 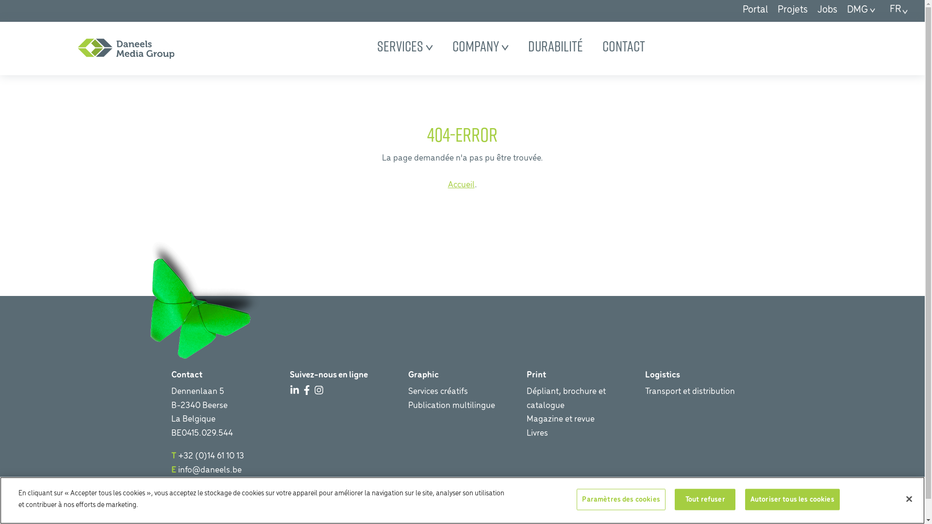 What do you see at coordinates (689, 391) in the screenshot?
I see `'Transport et distribution'` at bounding box center [689, 391].